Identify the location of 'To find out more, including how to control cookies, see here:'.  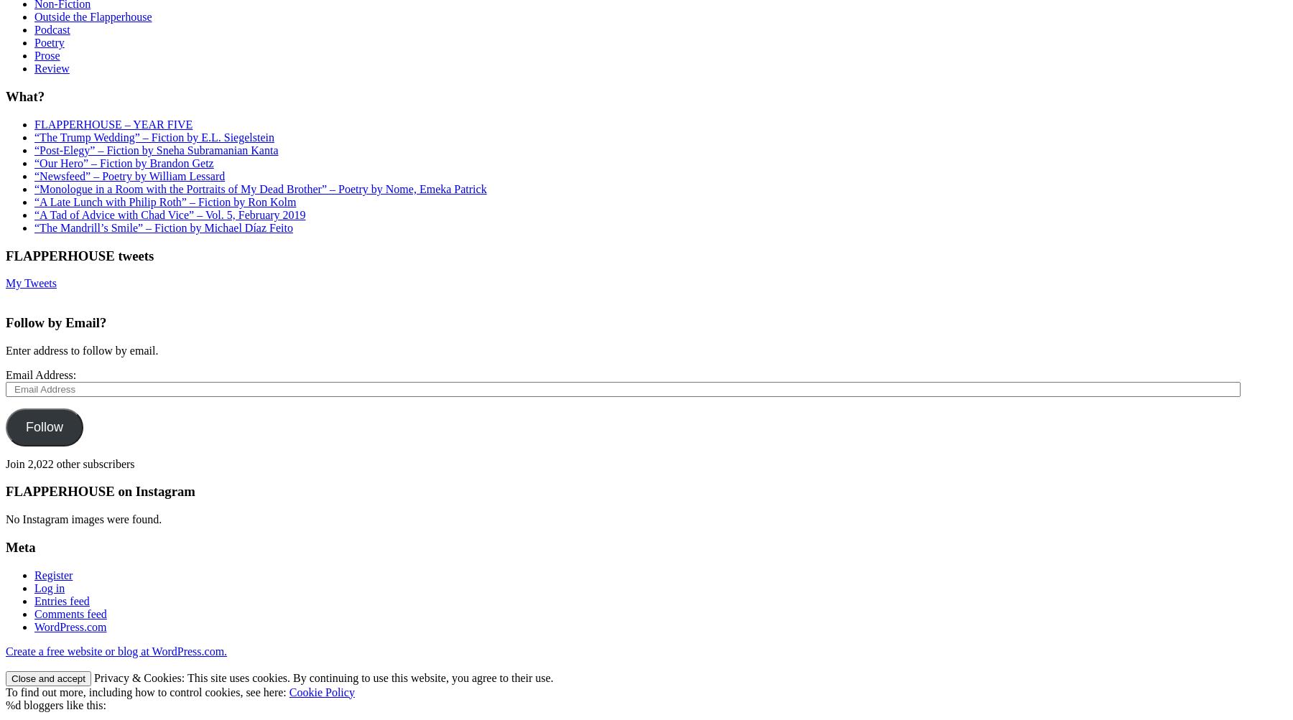
(147, 691).